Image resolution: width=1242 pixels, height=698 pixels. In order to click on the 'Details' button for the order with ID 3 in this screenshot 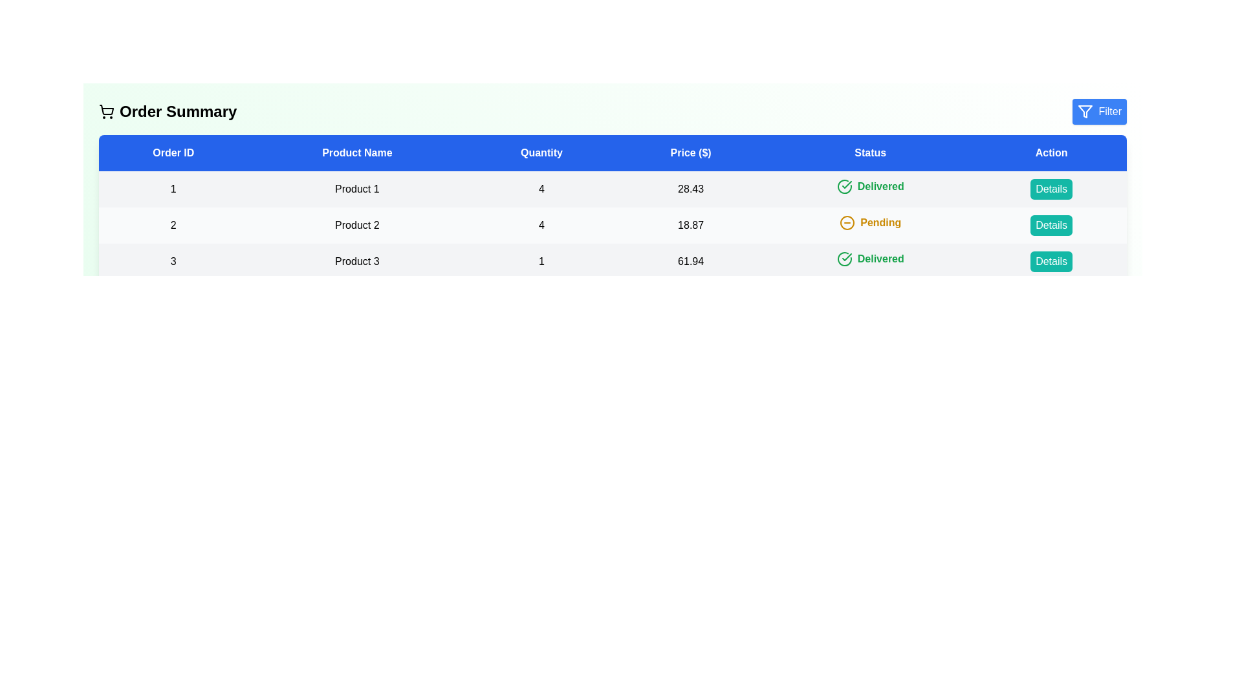, I will do `click(1051, 262)`.